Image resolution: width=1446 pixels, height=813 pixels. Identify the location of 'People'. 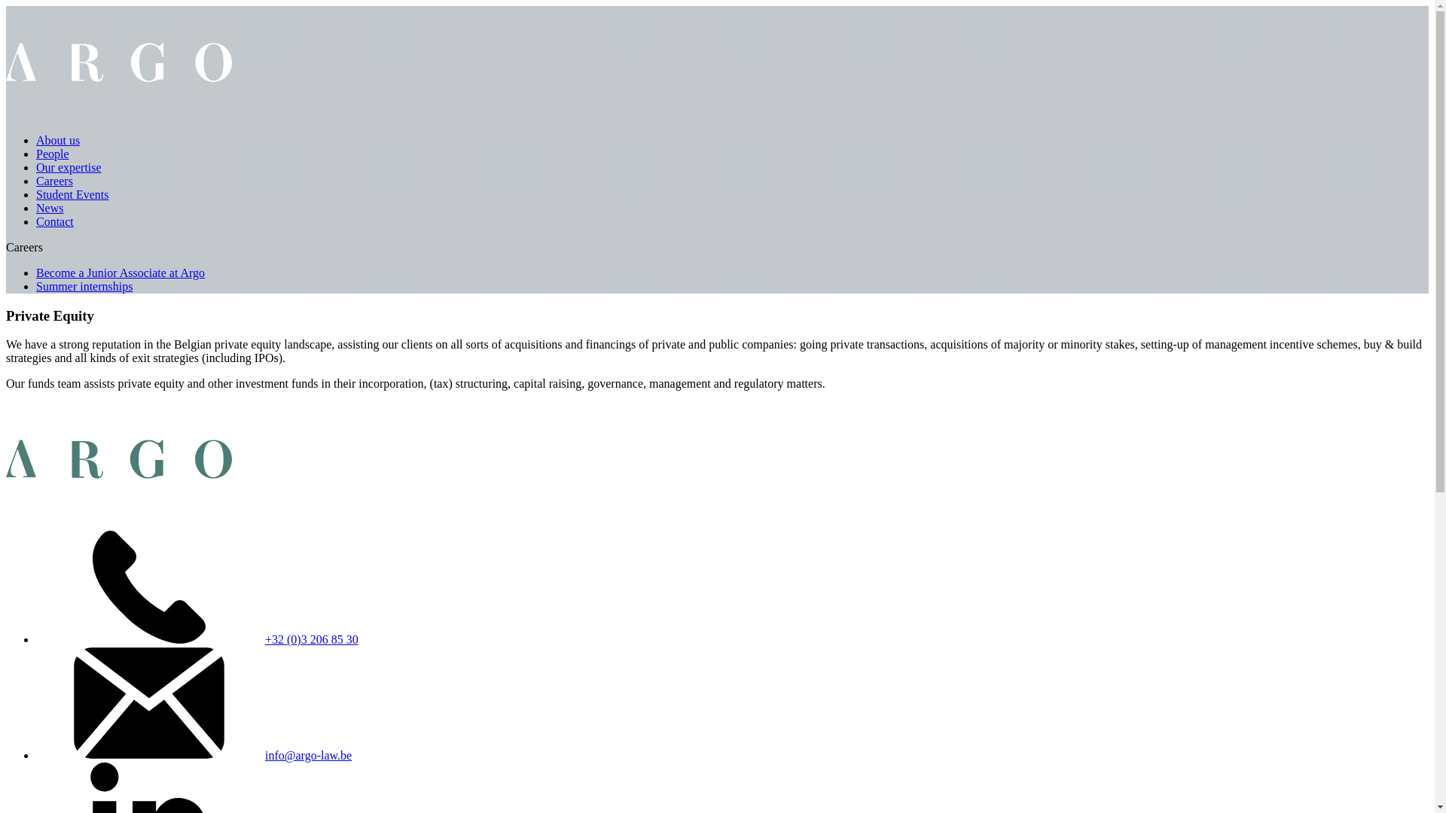
(53, 154).